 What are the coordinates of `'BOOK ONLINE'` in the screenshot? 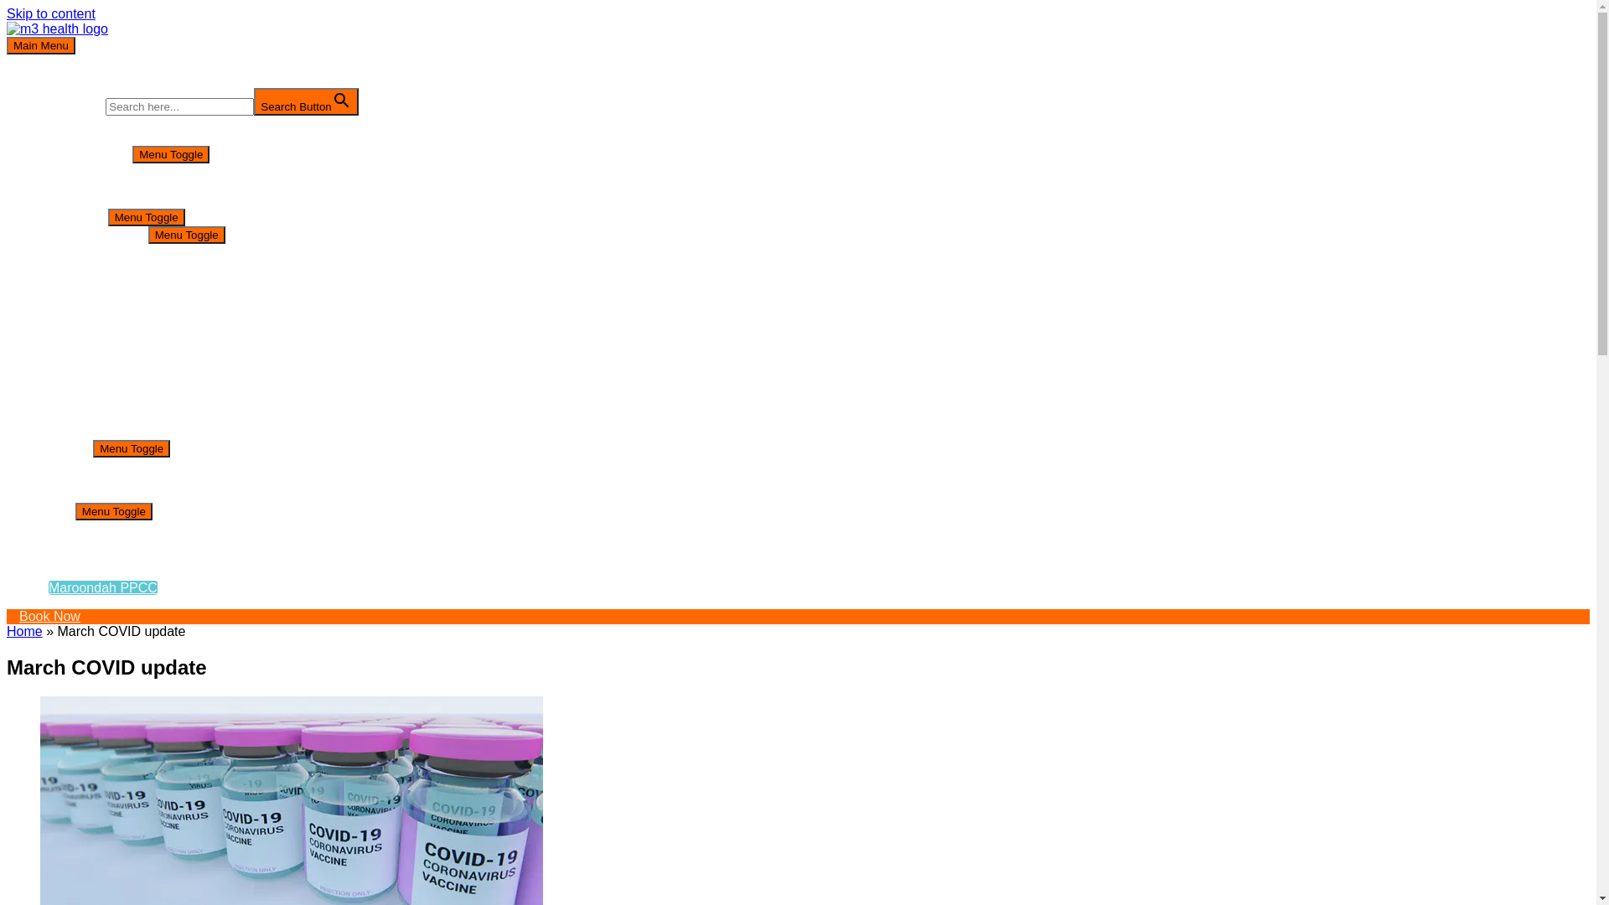 It's located at (85, 153).